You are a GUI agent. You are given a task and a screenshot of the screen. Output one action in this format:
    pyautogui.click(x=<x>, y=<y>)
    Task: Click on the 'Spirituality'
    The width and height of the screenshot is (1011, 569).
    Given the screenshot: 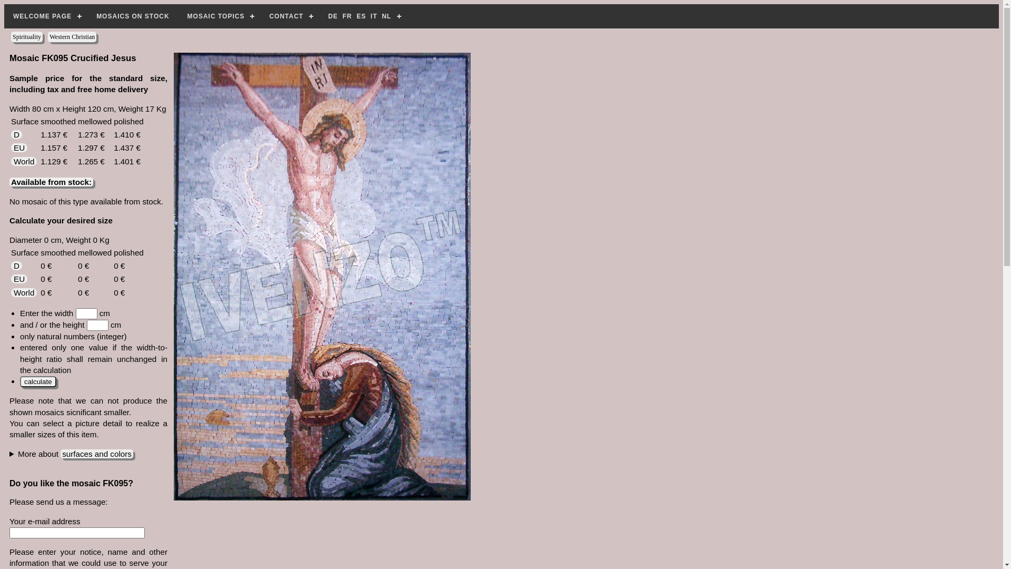 What is the action you would take?
    pyautogui.click(x=27, y=36)
    